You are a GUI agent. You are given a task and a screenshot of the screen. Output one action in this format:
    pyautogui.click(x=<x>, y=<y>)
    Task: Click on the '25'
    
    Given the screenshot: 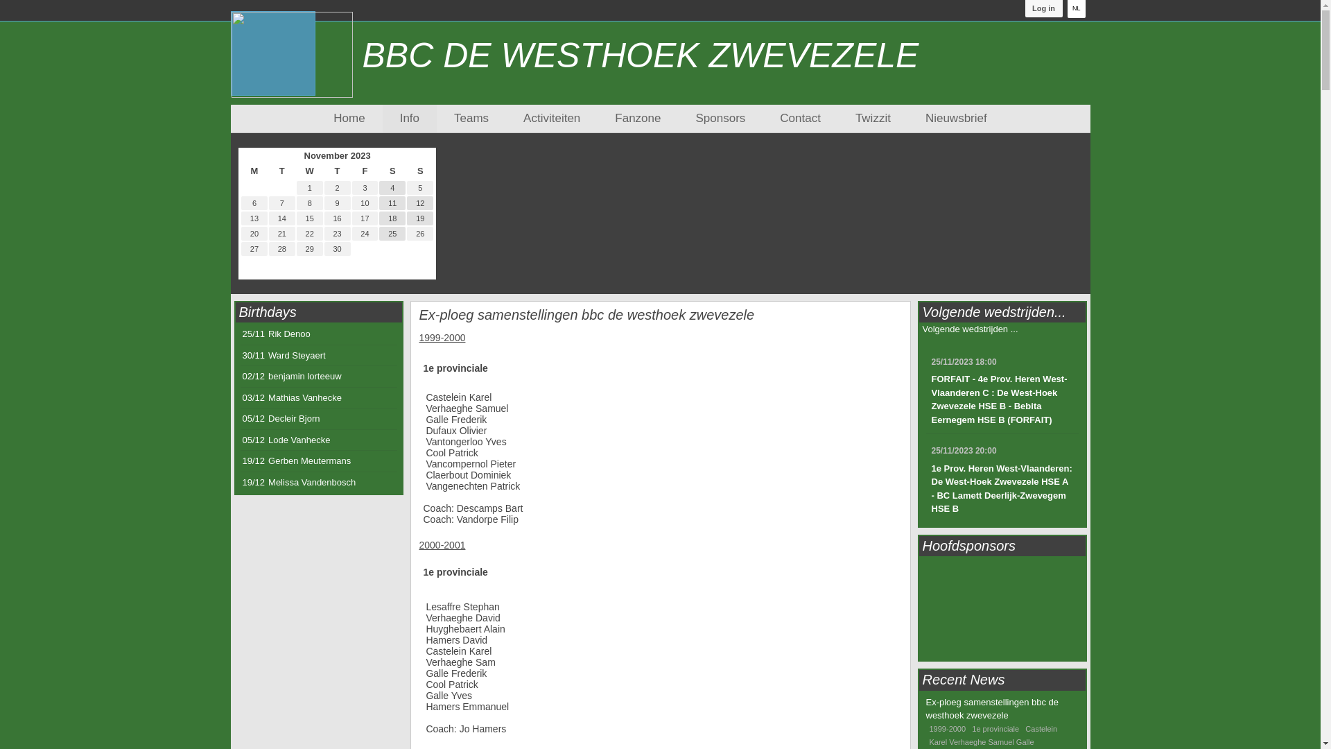 What is the action you would take?
    pyautogui.click(x=392, y=232)
    